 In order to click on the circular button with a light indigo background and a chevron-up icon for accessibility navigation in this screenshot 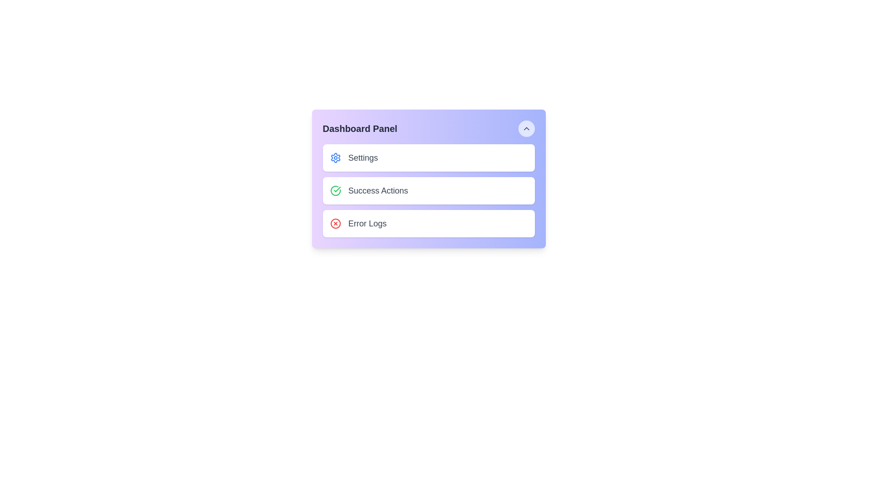, I will do `click(526, 128)`.